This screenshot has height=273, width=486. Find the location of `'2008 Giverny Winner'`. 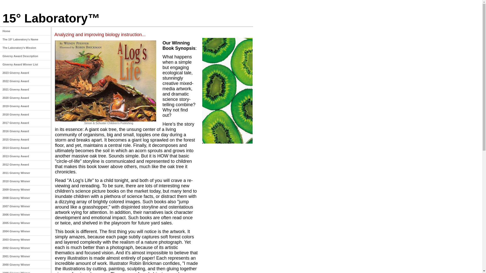

'2008 Giverny Winner' is located at coordinates (25, 198).